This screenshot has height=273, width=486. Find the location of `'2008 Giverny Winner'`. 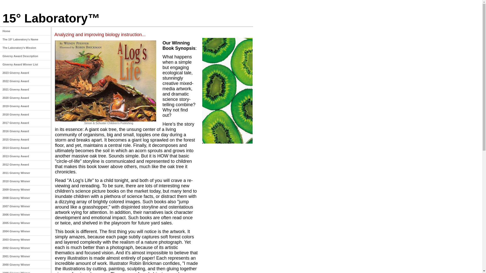

'2008 Giverny Winner' is located at coordinates (25, 198).